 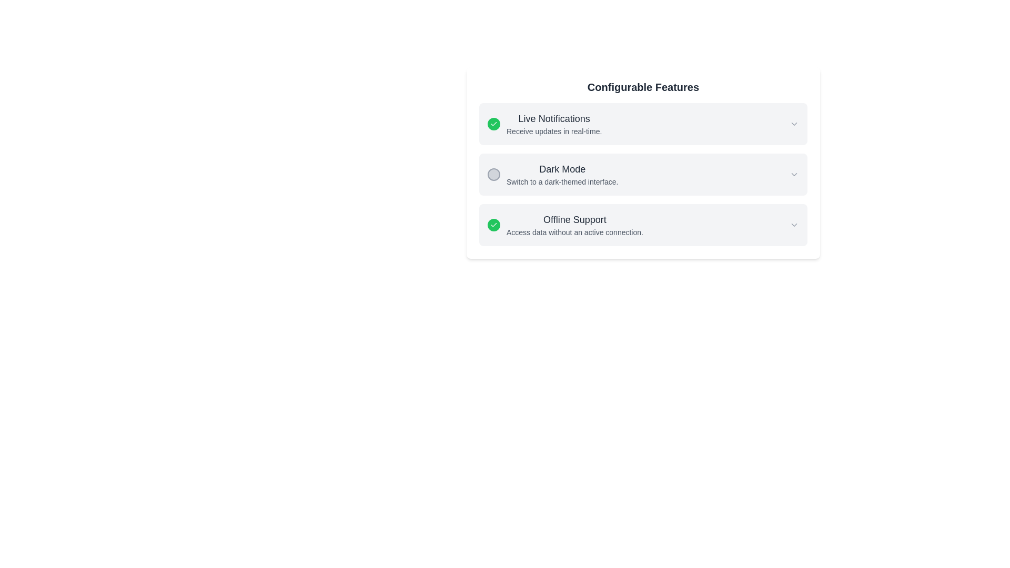 What do you see at coordinates (553, 131) in the screenshot?
I see `the descriptive text that reads 'Receive updates in real-time.' positioned below the 'Live Notifications' title` at bounding box center [553, 131].